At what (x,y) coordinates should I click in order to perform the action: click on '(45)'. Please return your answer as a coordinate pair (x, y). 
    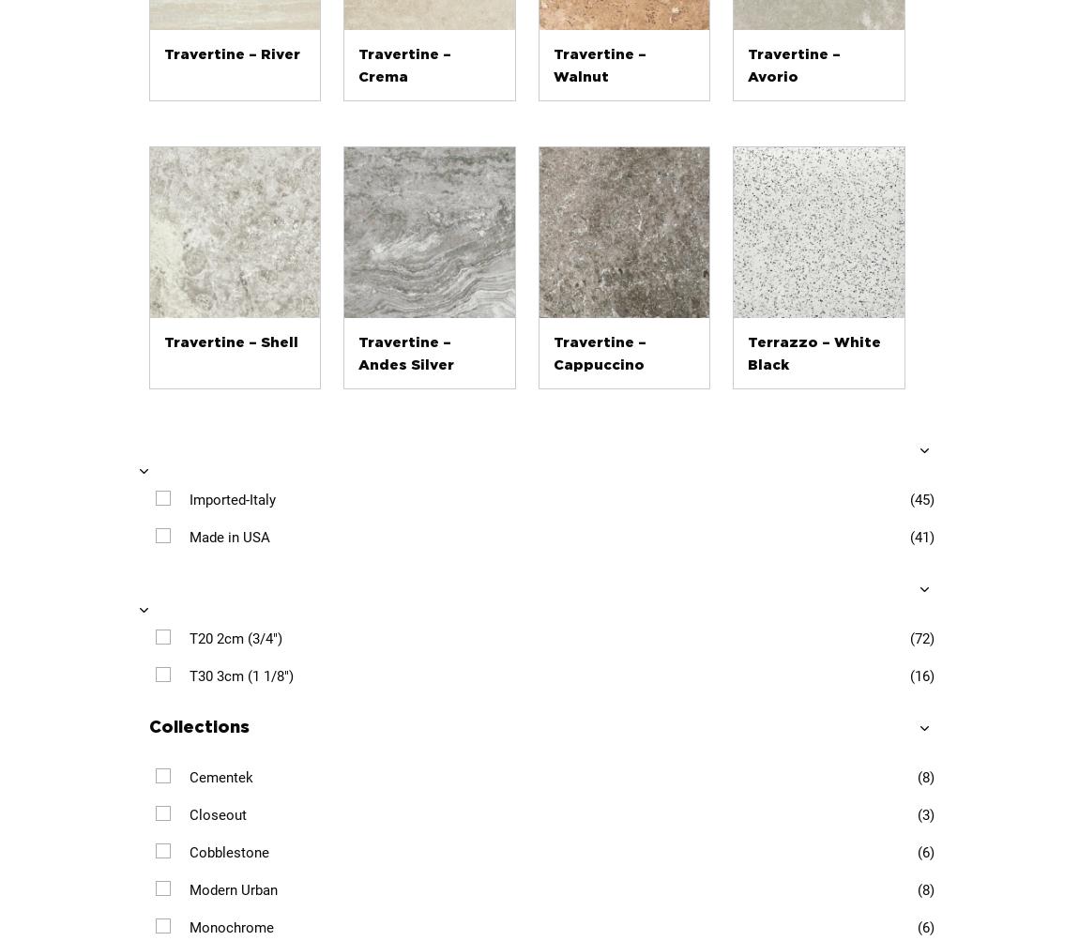
    Looking at the image, I should click on (910, 497).